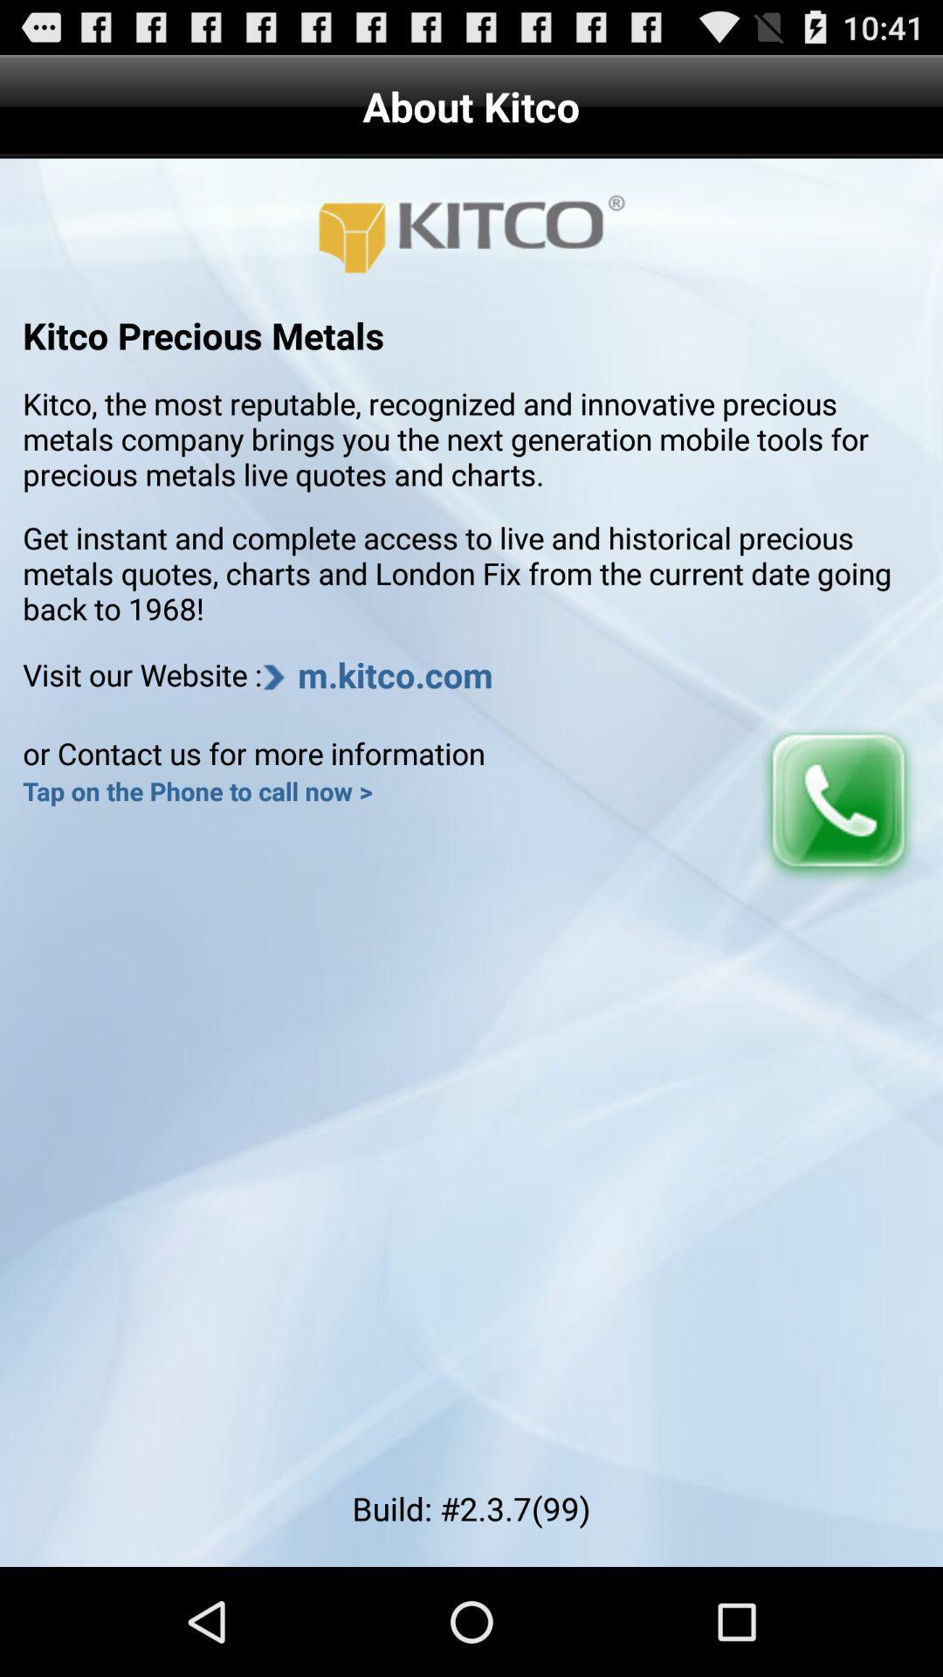 The width and height of the screenshot is (943, 1677). What do you see at coordinates (837, 859) in the screenshot?
I see `the call icon` at bounding box center [837, 859].